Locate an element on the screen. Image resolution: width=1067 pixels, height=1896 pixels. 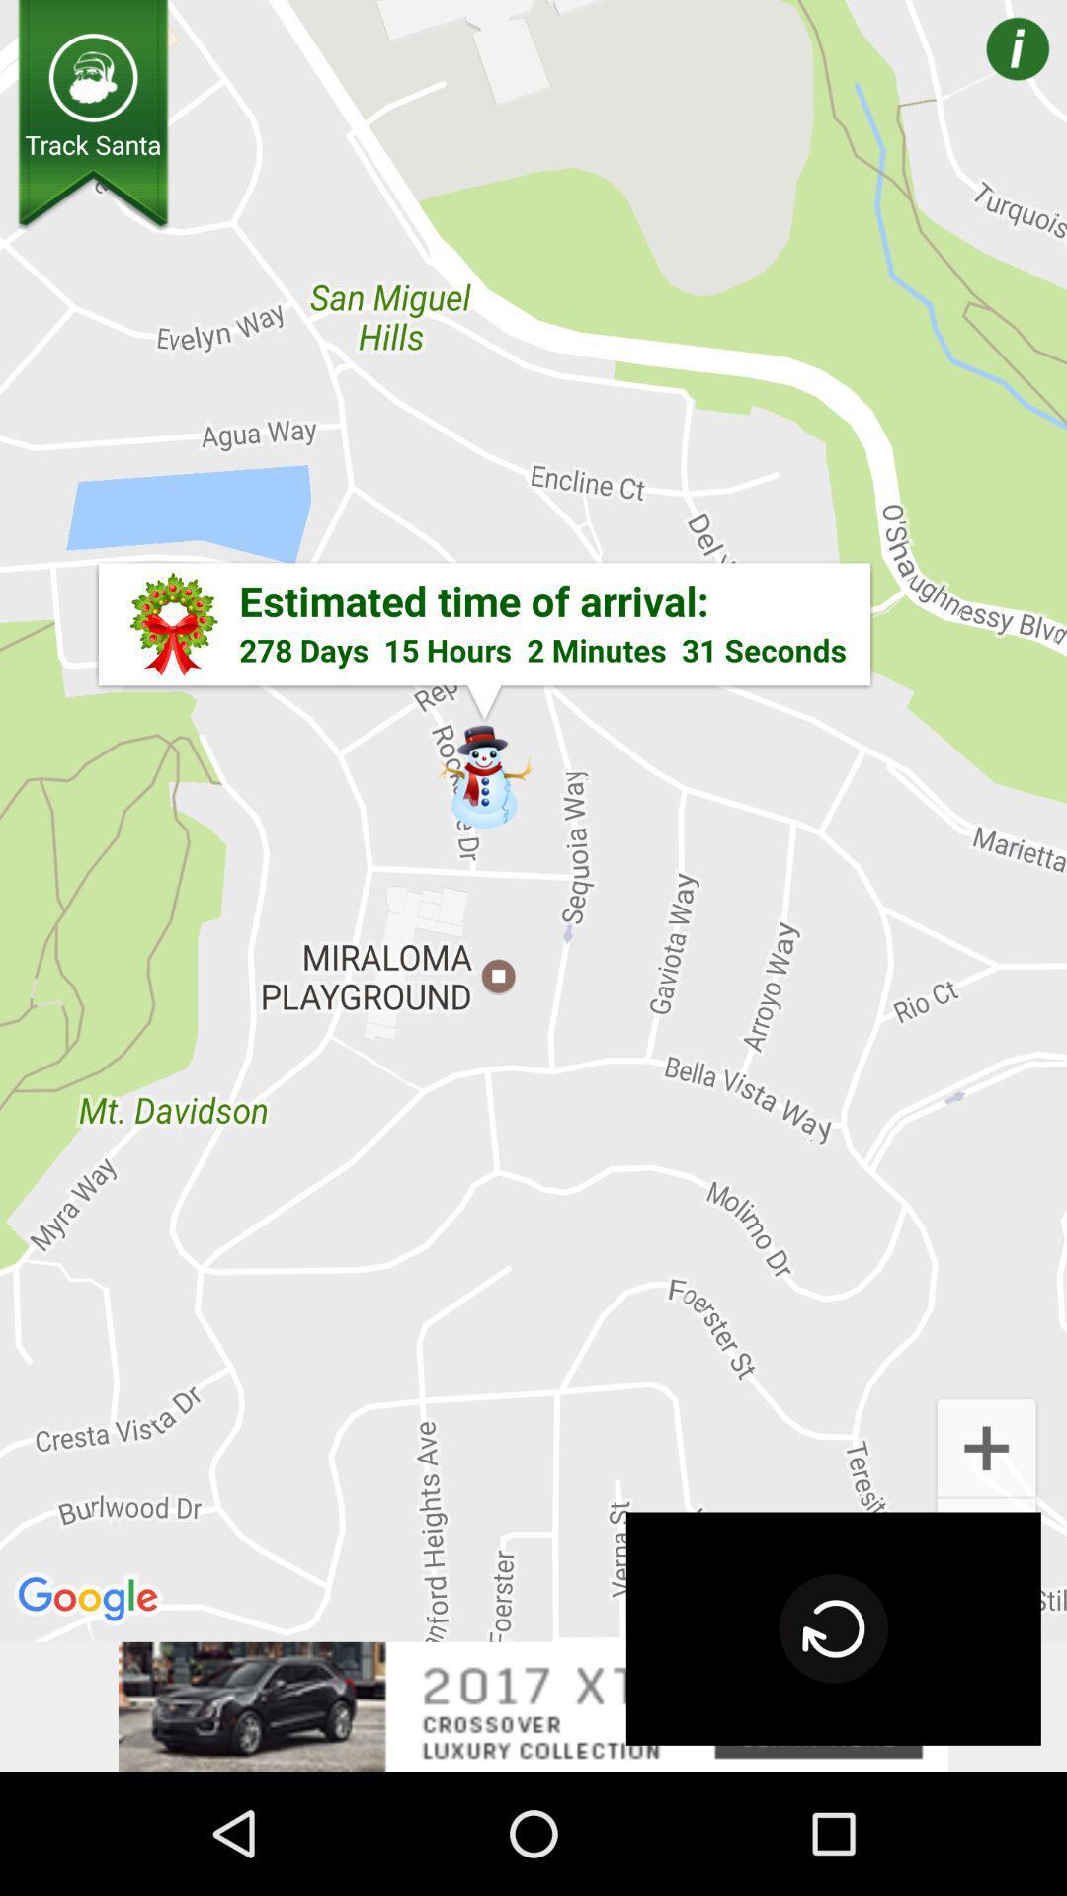
the add icon is located at coordinates (986, 1546).